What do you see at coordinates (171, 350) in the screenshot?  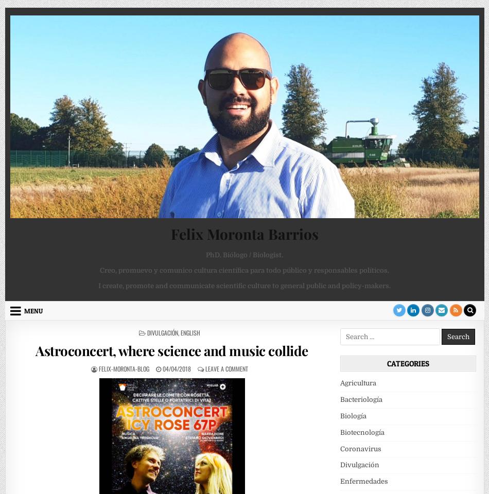 I see `'Astroconcert, where science and music collide'` at bounding box center [171, 350].